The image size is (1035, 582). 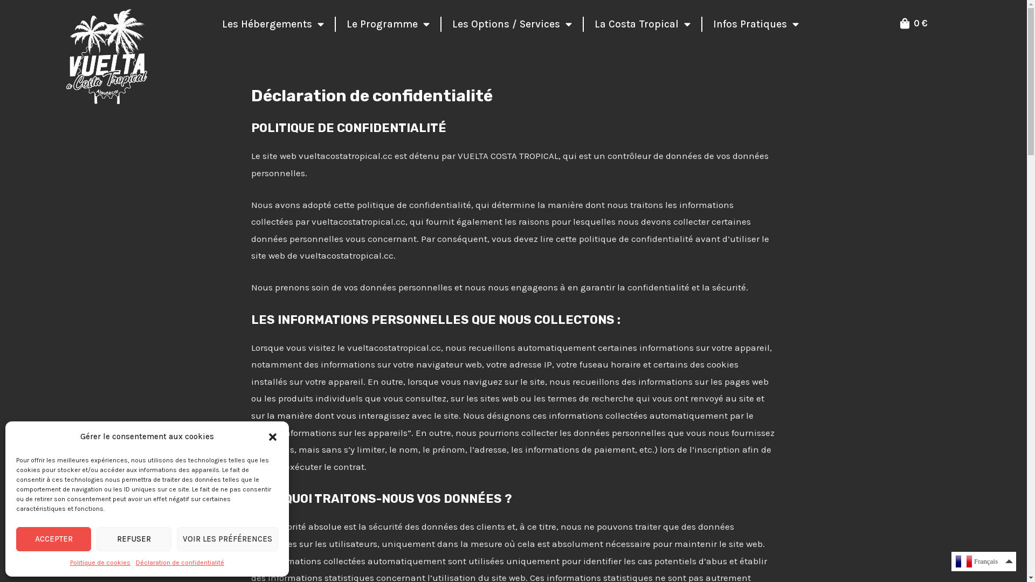 What do you see at coordinates (133, 539) in the screenshot?
I see `'REFUSER'` at bounding box center [133, 539].